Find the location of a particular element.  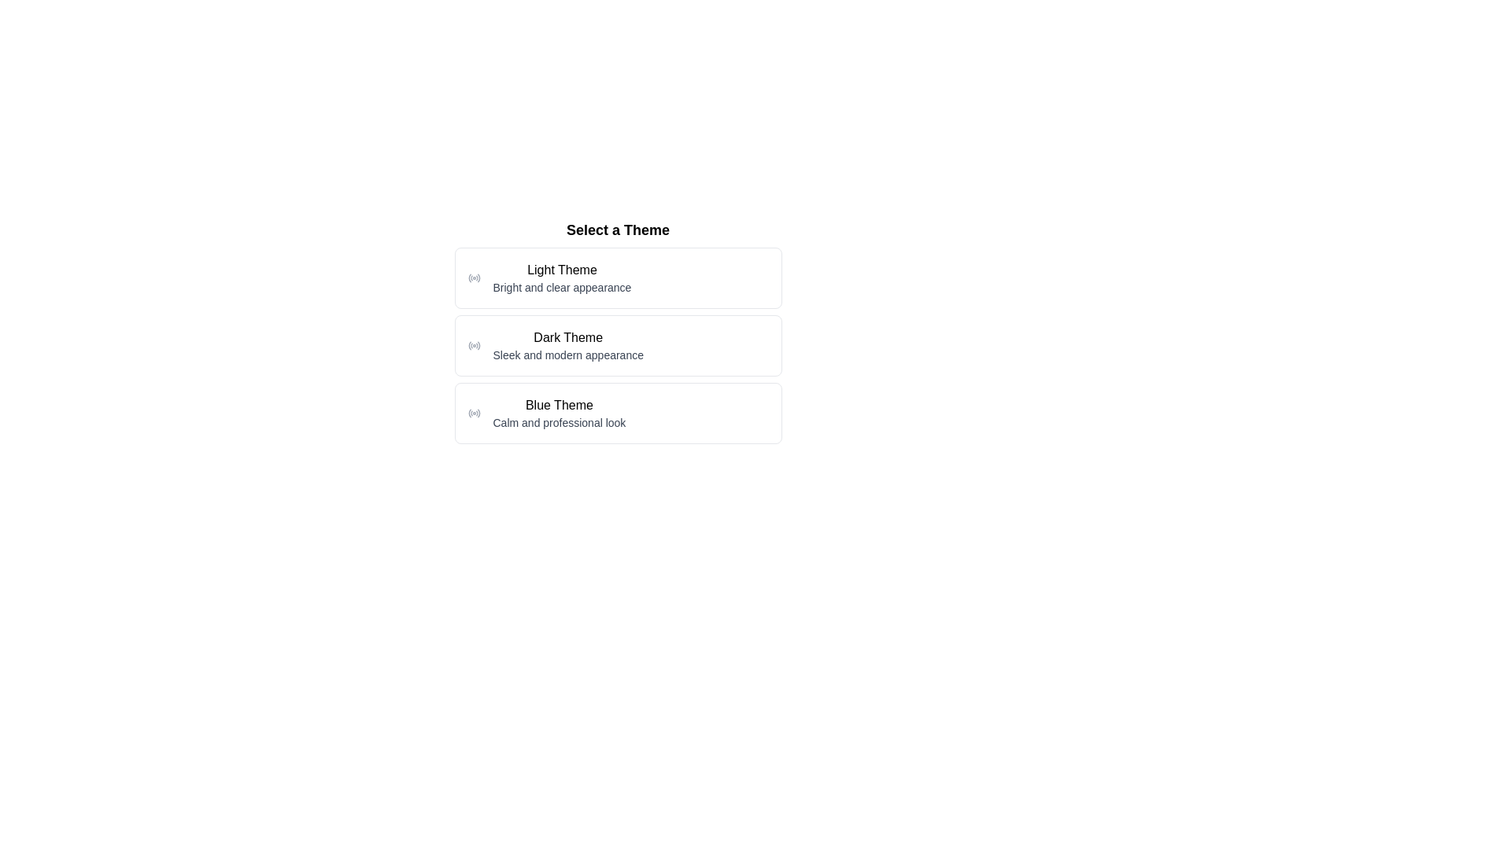

the static text label that reads 'Sleek and modern appearance', located below the 'Dark Theme' title in the card layout is located at coordinates (567, 355).